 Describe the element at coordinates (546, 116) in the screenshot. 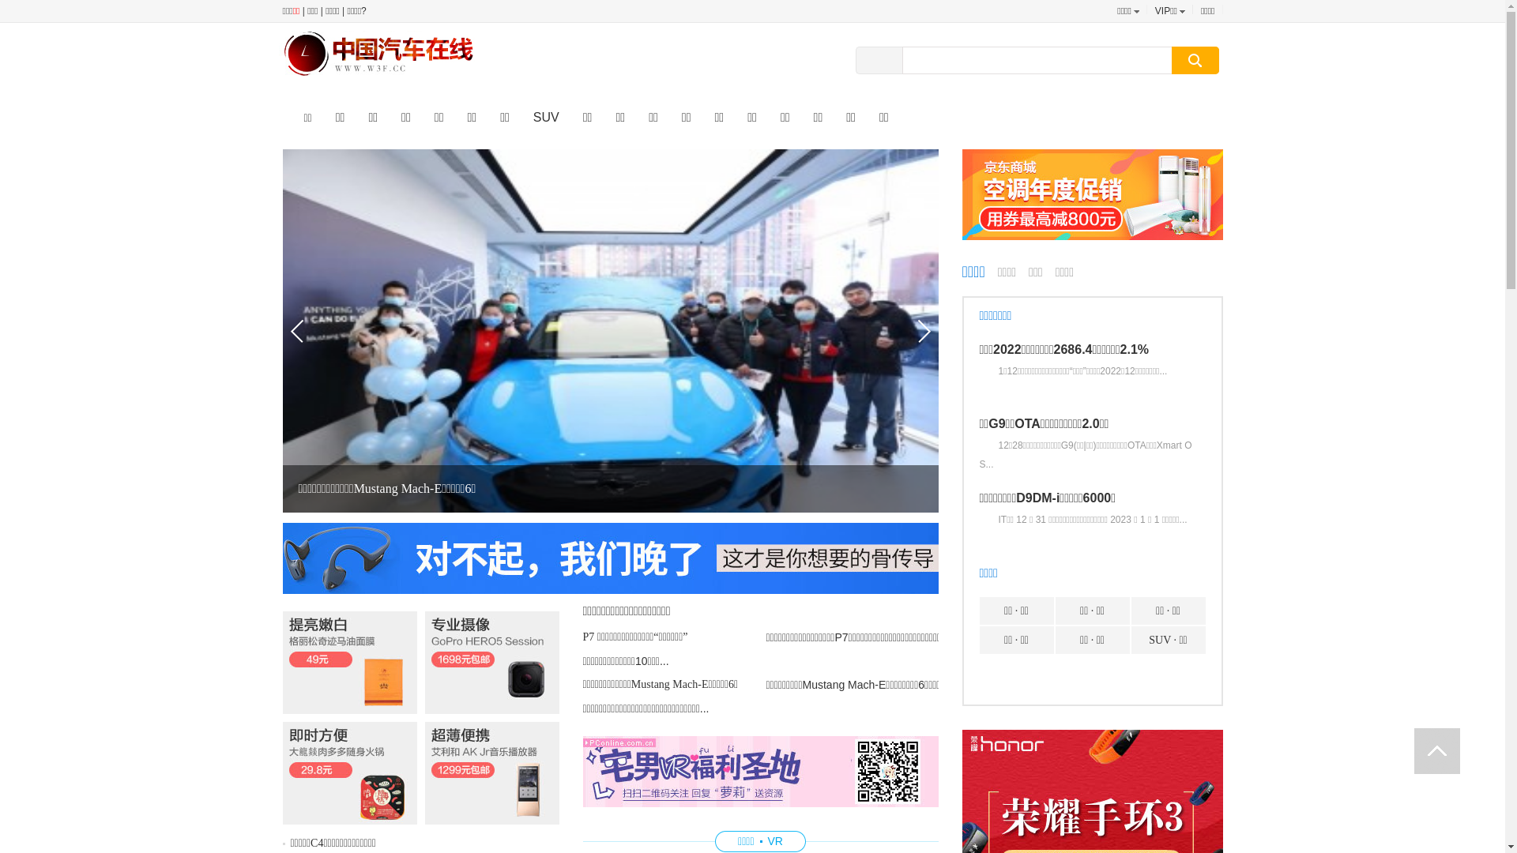

I see `'SUV'` at that location.